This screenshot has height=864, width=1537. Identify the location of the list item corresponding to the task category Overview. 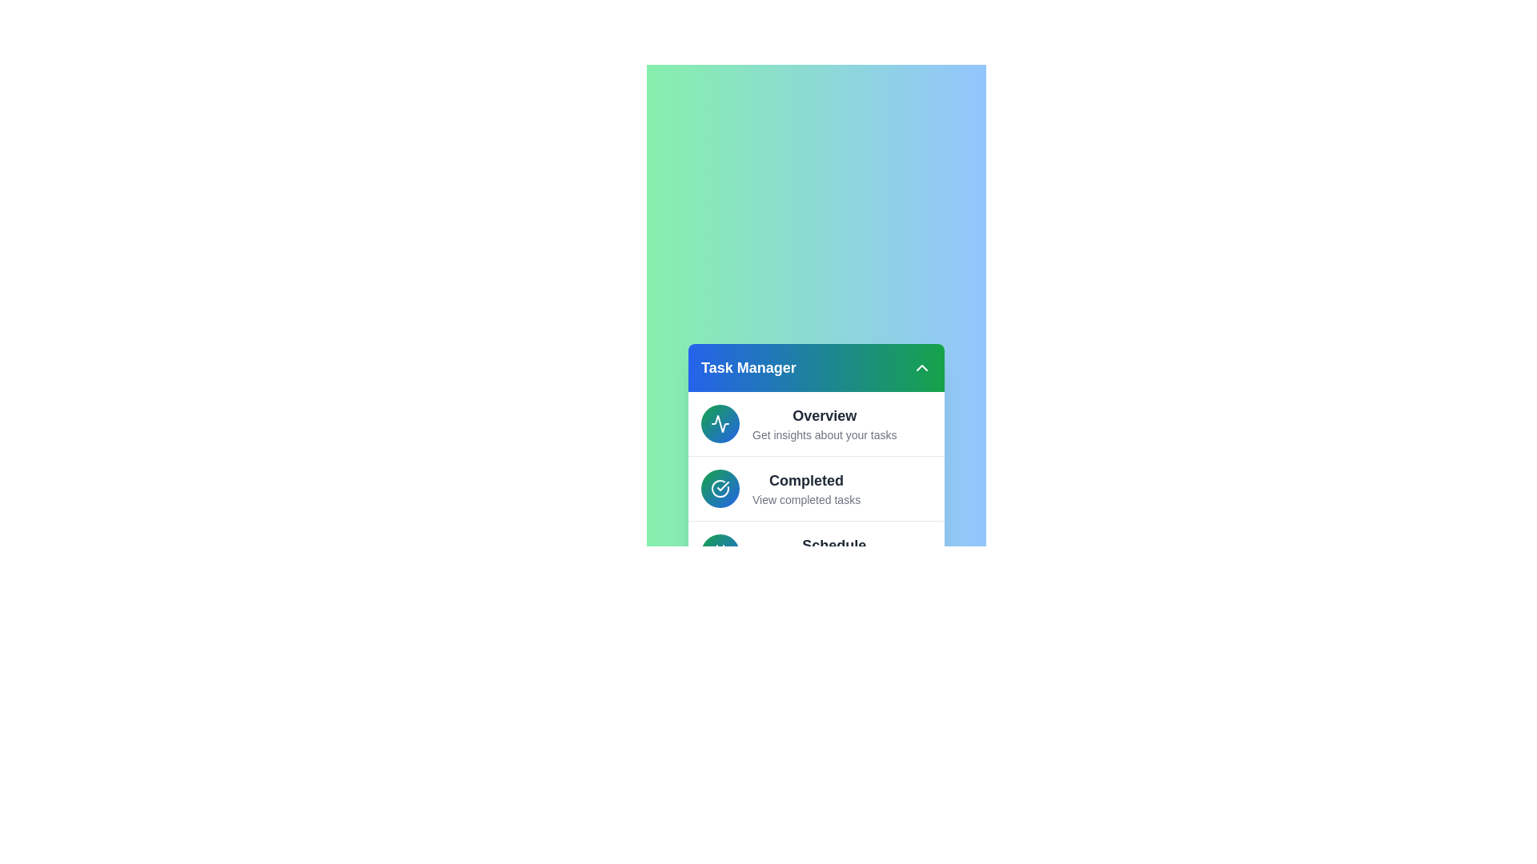
(816, 422).